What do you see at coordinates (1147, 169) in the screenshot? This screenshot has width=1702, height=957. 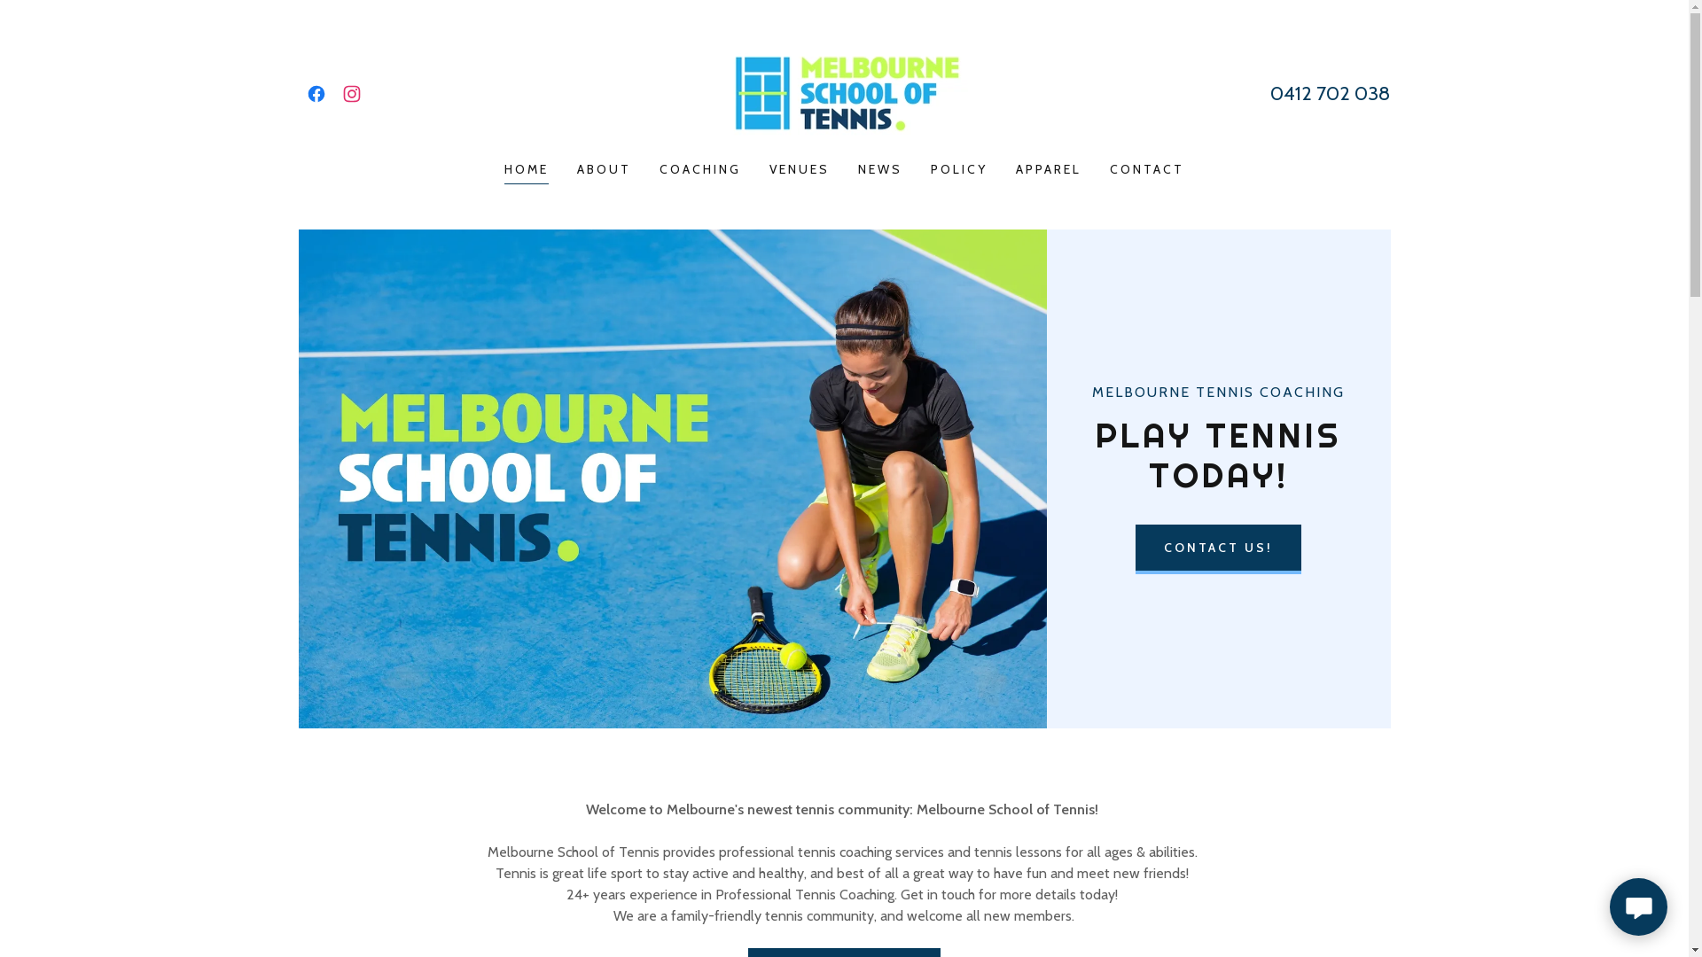 I see `'CONTACT'` at bounding box center [1147, 169].